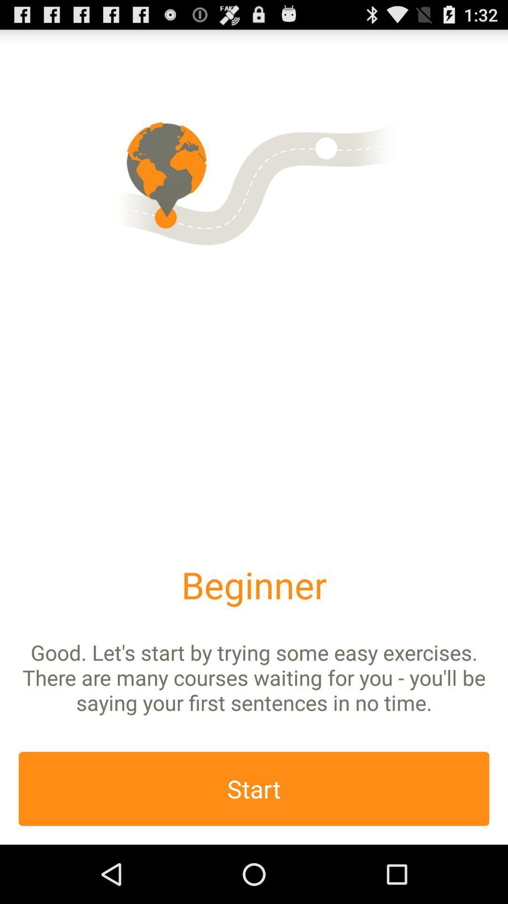 This screenshot has width=508, height=904. Describe the element at coordinates (165, 217) in the screenshot. I see `orange dot below globe icon` at that location.